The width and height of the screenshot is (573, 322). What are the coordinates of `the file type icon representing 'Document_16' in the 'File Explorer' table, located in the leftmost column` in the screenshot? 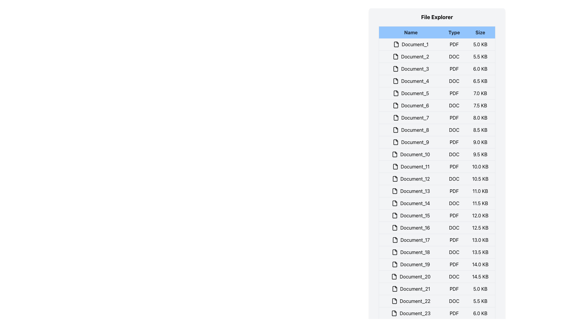 It's located at (395, 227).